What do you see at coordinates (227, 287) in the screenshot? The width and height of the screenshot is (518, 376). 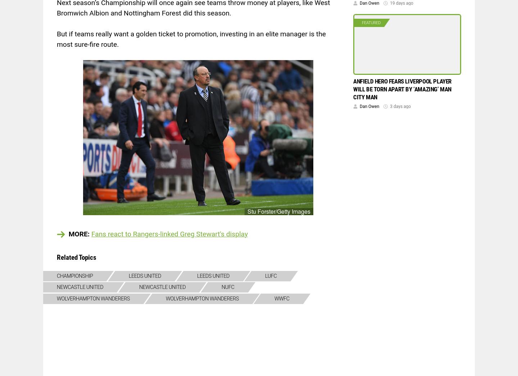 I see `'nufc'` at bounding box center [227, 287].